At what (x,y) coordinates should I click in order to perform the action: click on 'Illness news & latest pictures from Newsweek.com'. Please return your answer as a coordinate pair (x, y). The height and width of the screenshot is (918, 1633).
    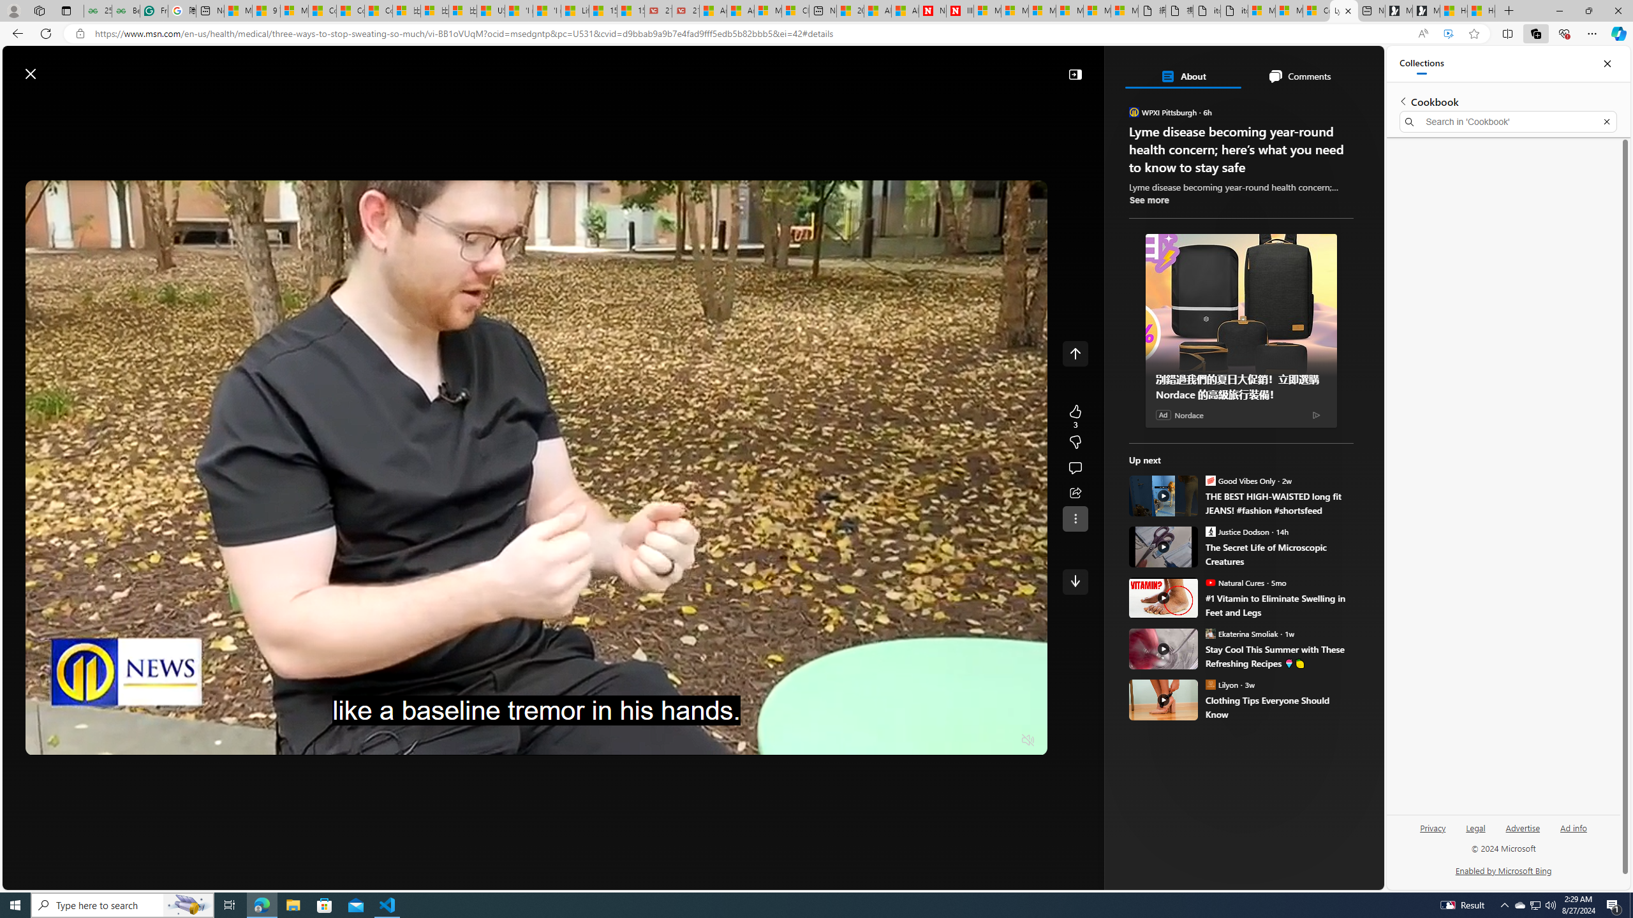
    Looking at the image, I should click on (959, 10).